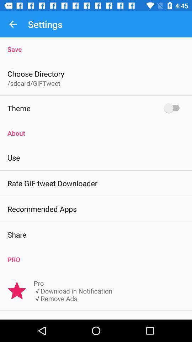 This screenshot has height=342, width=192. What do you see at coordinates (96, 129) in the screenshot?
I see `the about item` at bounding box center [96, 129].